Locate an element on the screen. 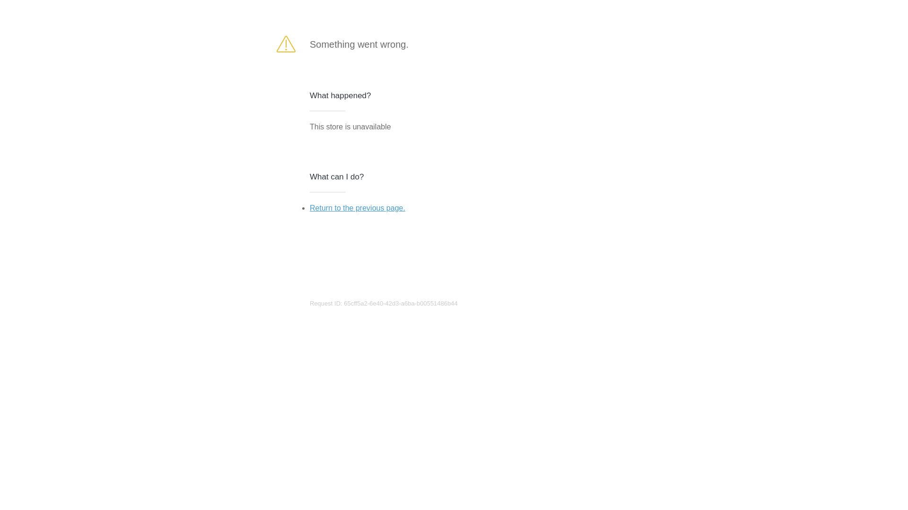 Image resolution: width=908 pixels, height=510 pixels. 'Return to the previous page.' is located at coordinates (309, 207).